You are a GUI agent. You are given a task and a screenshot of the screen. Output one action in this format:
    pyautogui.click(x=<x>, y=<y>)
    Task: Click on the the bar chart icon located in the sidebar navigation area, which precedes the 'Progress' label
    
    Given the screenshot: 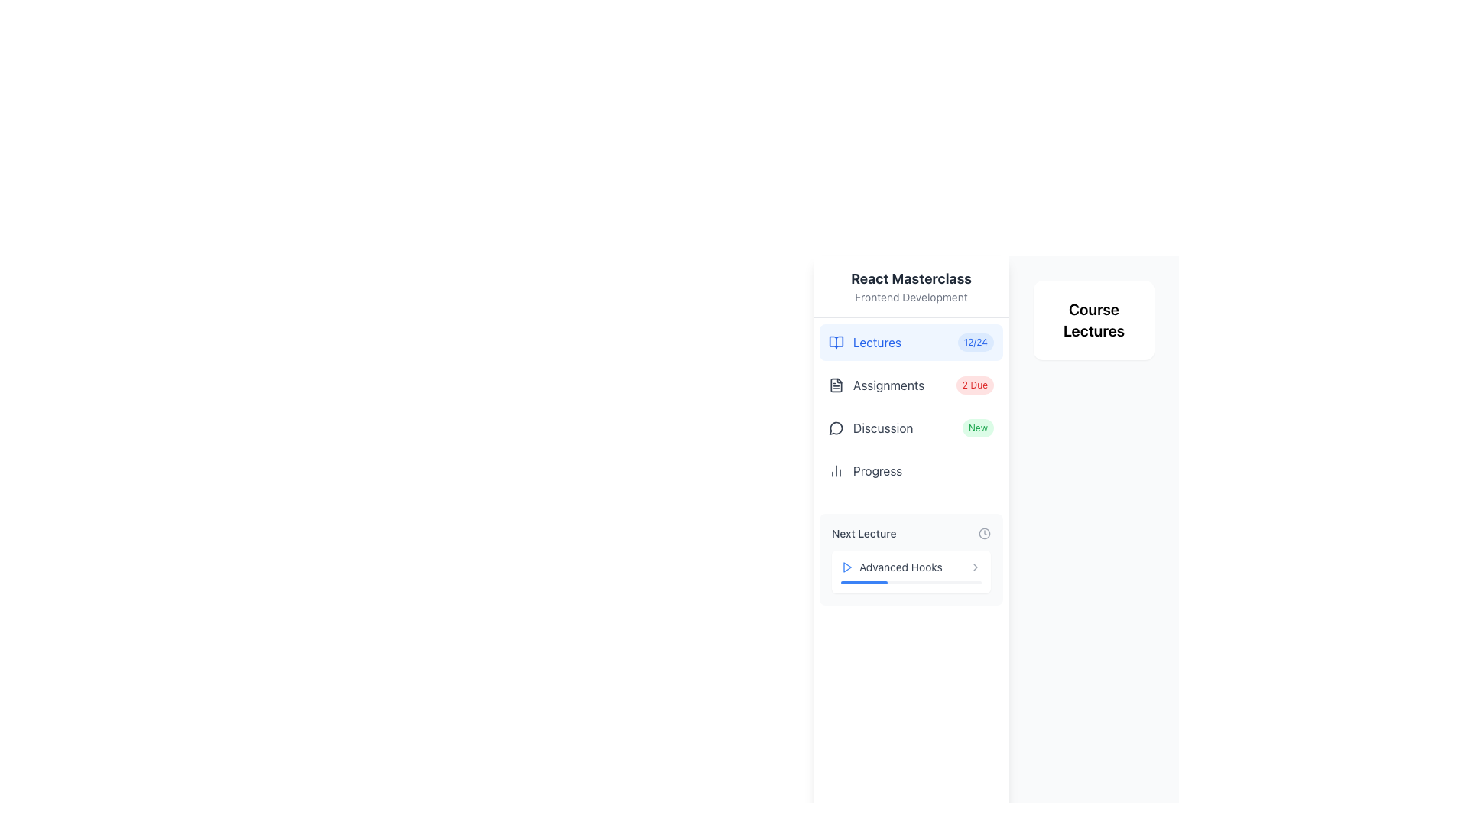 What is the action you would take?
    pyautogui.click(x=836, y=470)
    